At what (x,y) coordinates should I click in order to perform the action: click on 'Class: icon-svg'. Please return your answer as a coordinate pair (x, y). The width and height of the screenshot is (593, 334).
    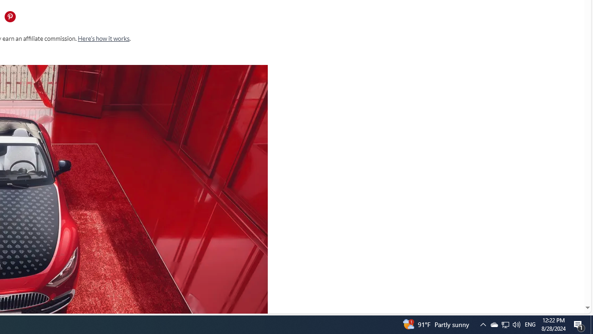
    Looking at the image, I should click on (10, 17).